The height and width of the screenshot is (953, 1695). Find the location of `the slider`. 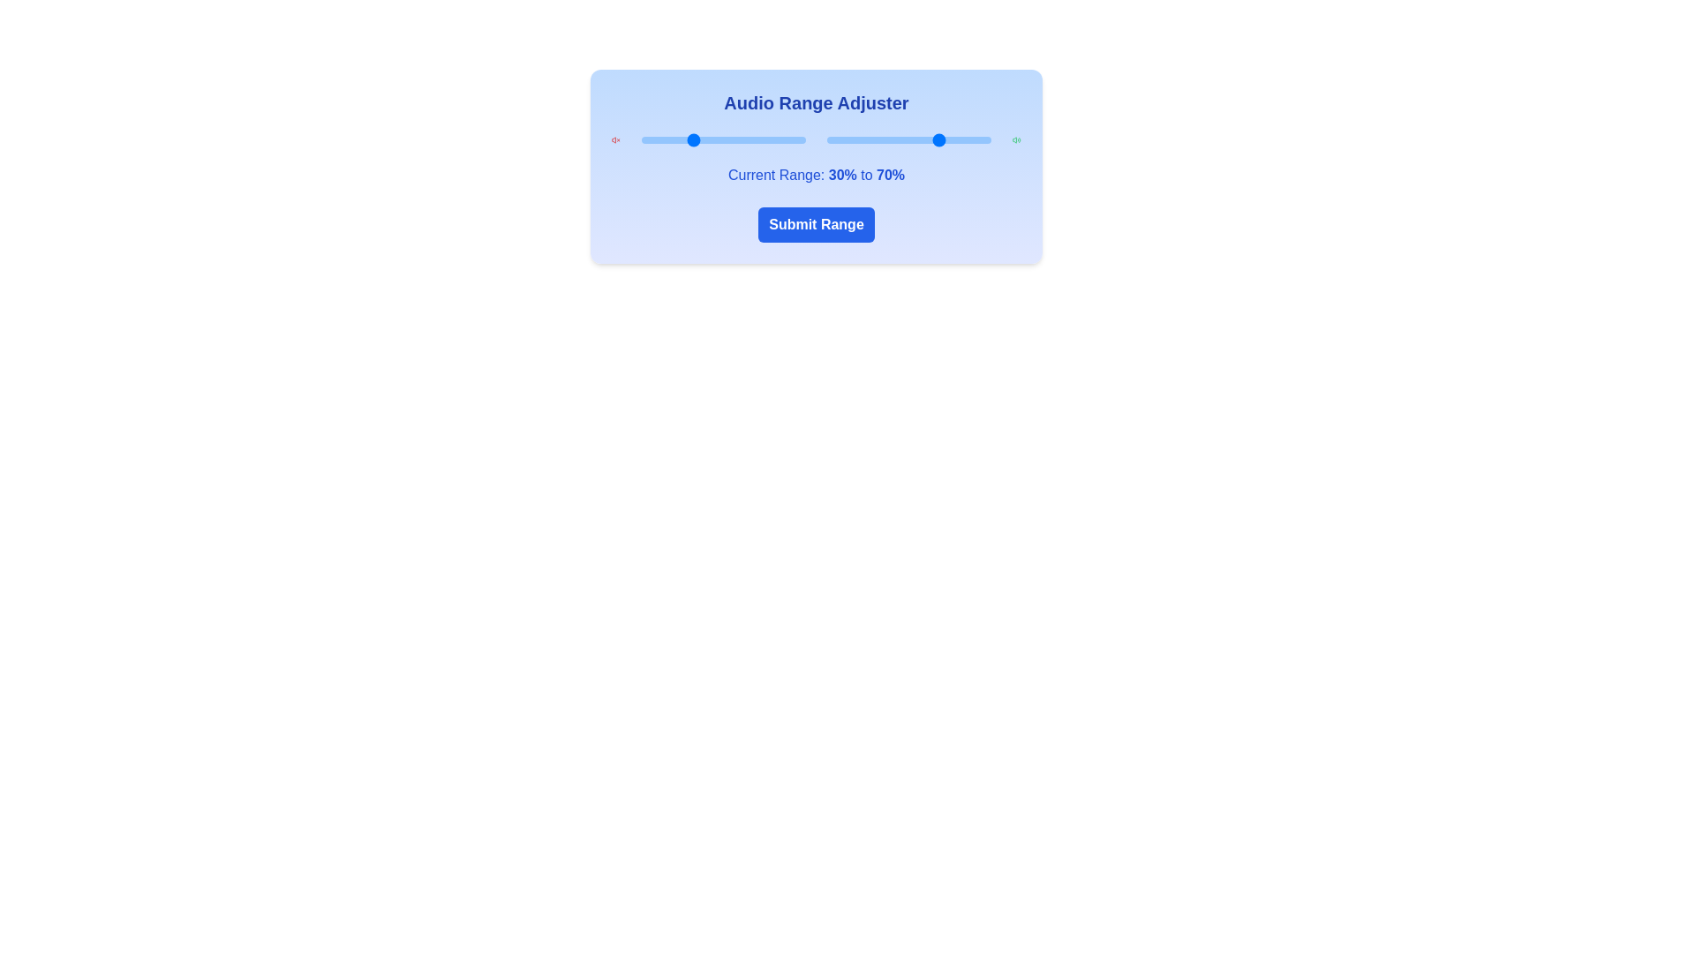

the slider is located at coordinates (742, 139).